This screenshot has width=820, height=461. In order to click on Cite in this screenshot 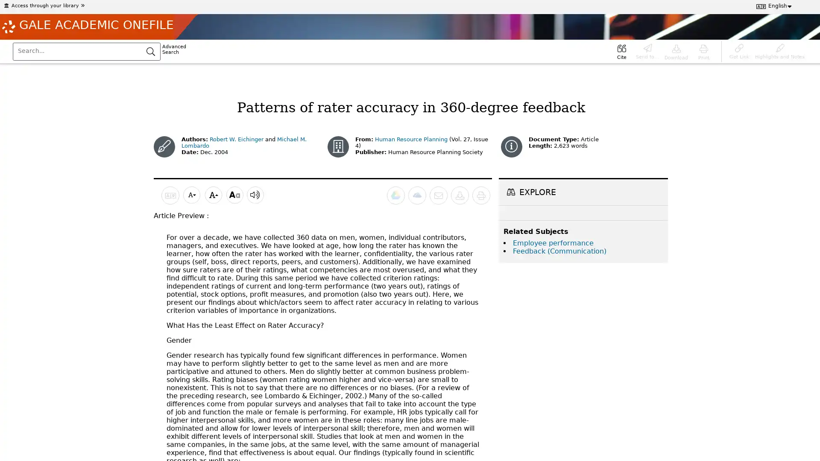, I will do `click(621, 51)`.